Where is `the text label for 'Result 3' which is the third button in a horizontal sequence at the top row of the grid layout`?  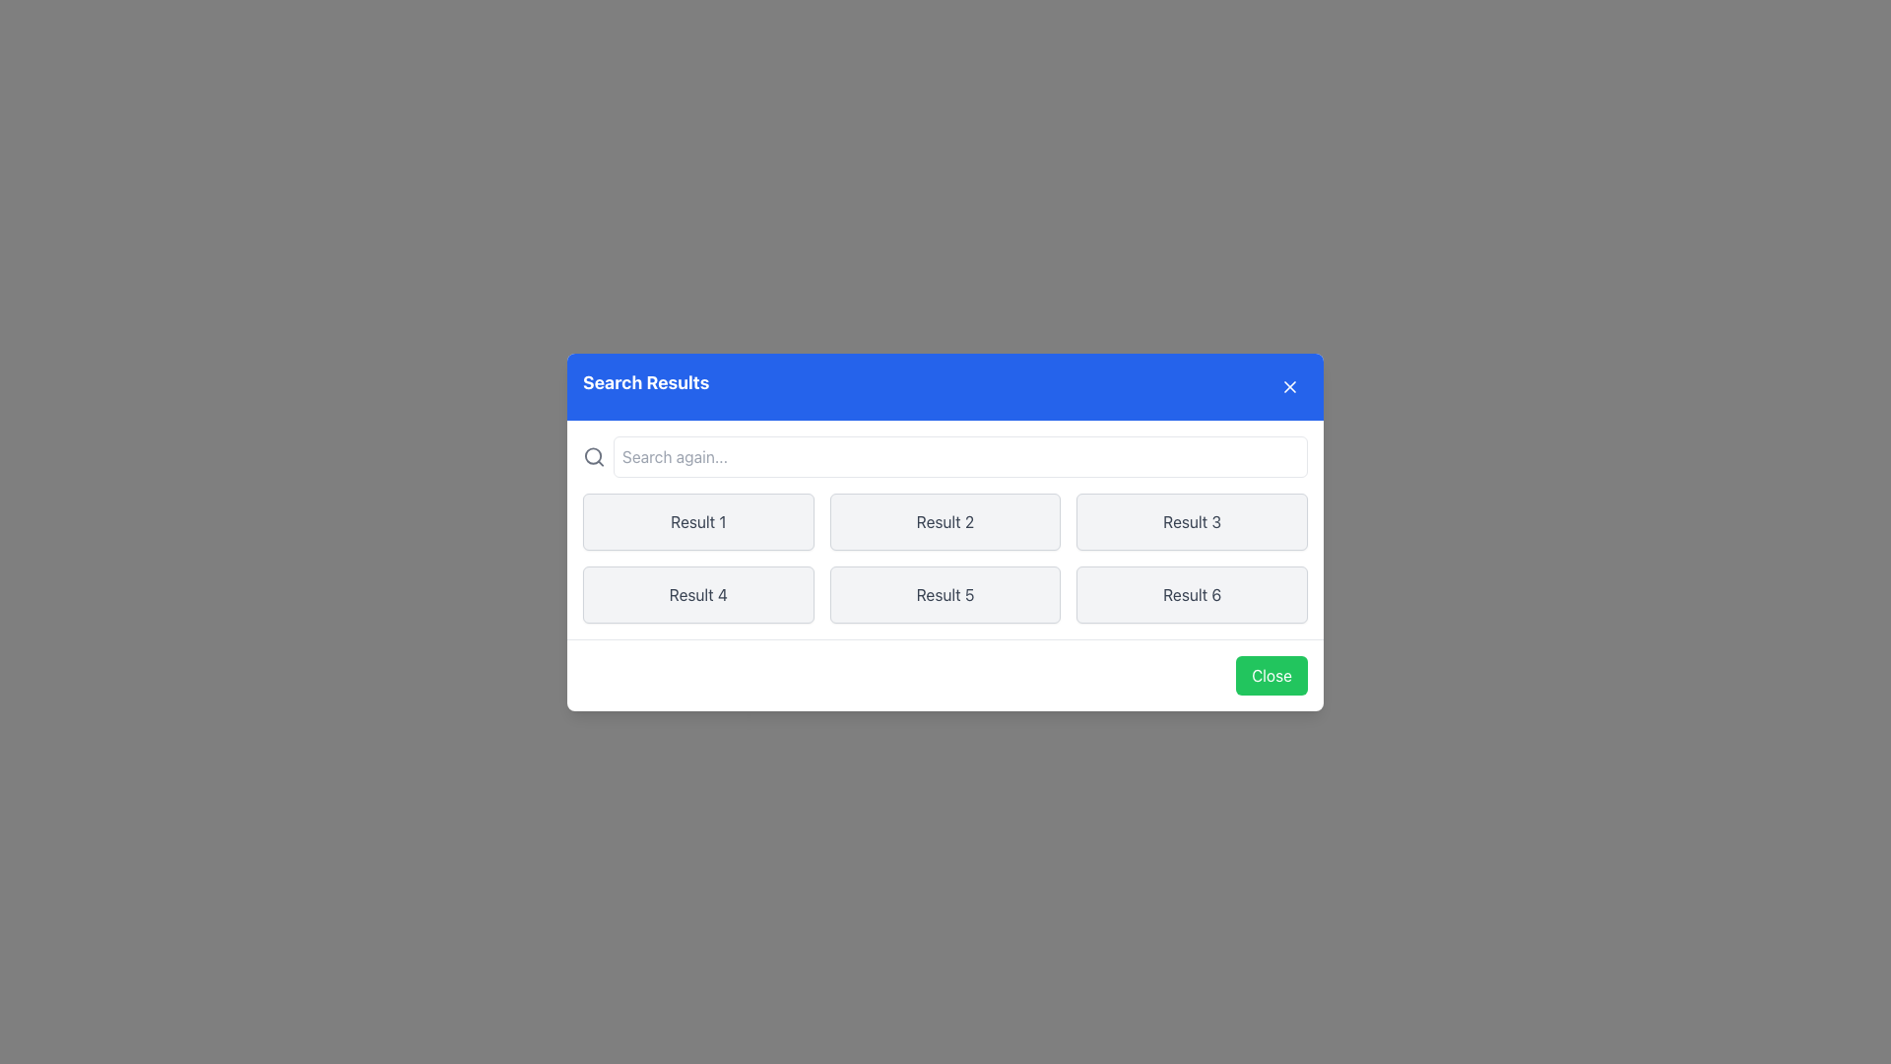 the text label for 'Result 3' which is the third button in a horizontal sequence at the top row of the grid layout is located at coordinates (1191, 520).